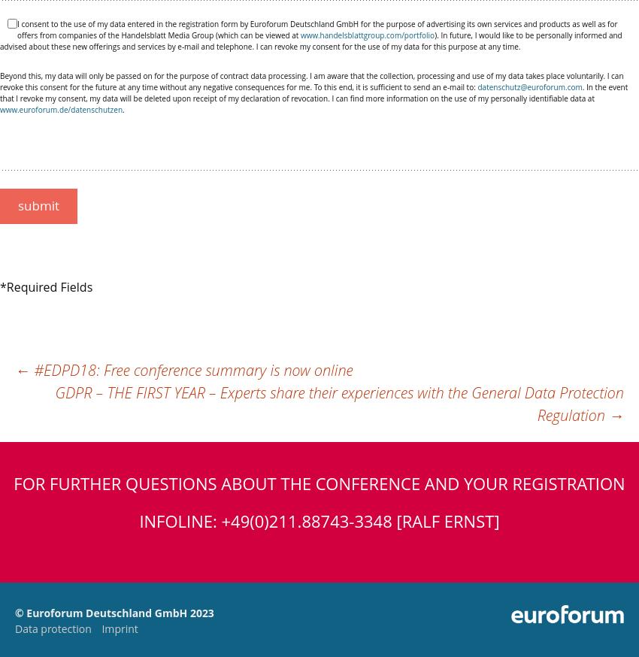  Describe the element at coordinates (61, 109) in the screenshot. I see `'www.euroforum.de/datenschutzen'` at that location.